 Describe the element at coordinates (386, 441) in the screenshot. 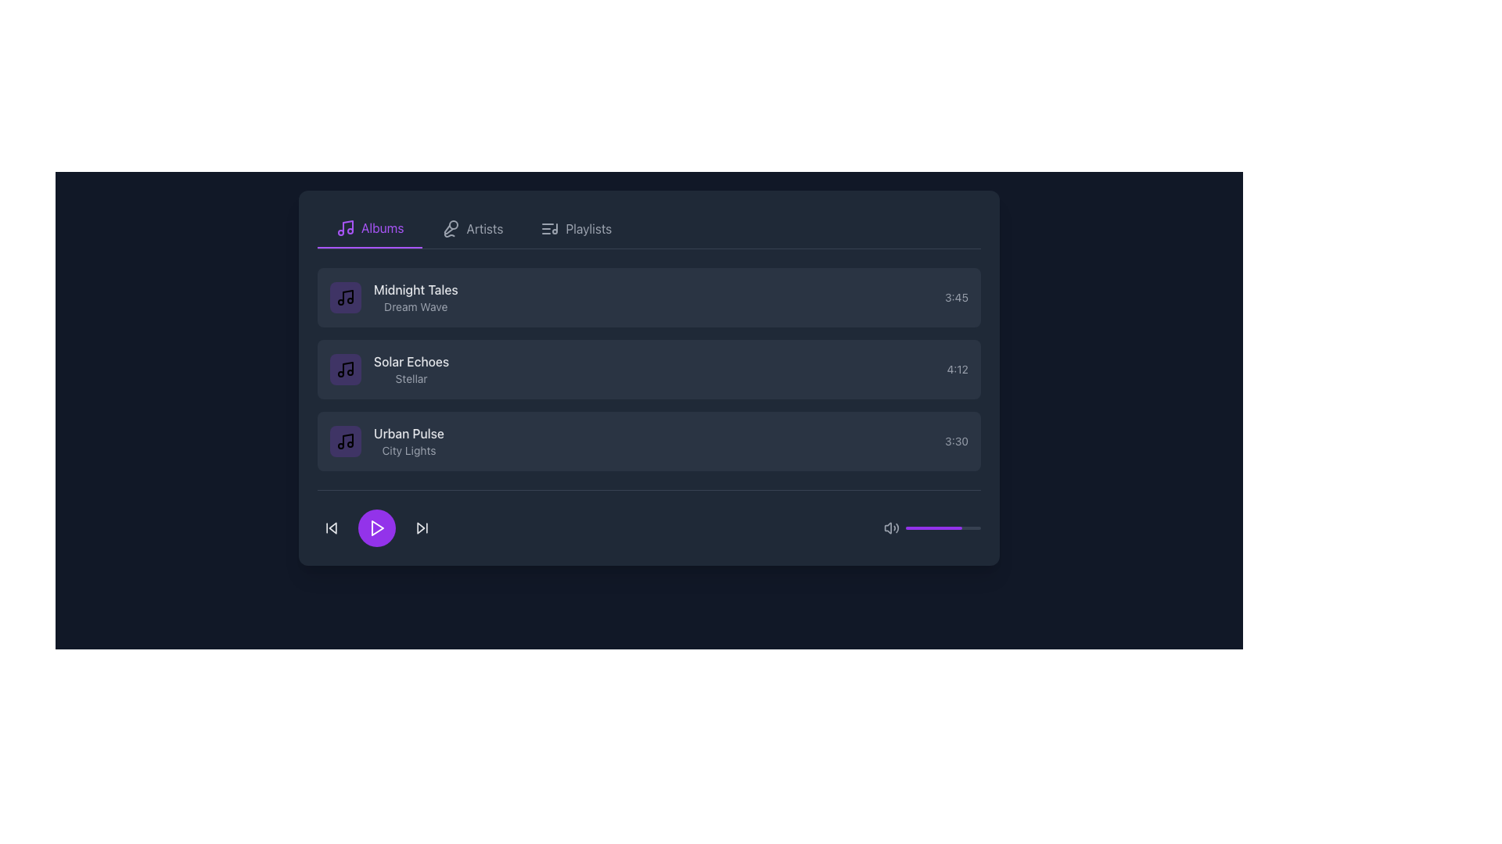

I see `the audio item or playlist option, which is the third item in a vertical list` at that location.